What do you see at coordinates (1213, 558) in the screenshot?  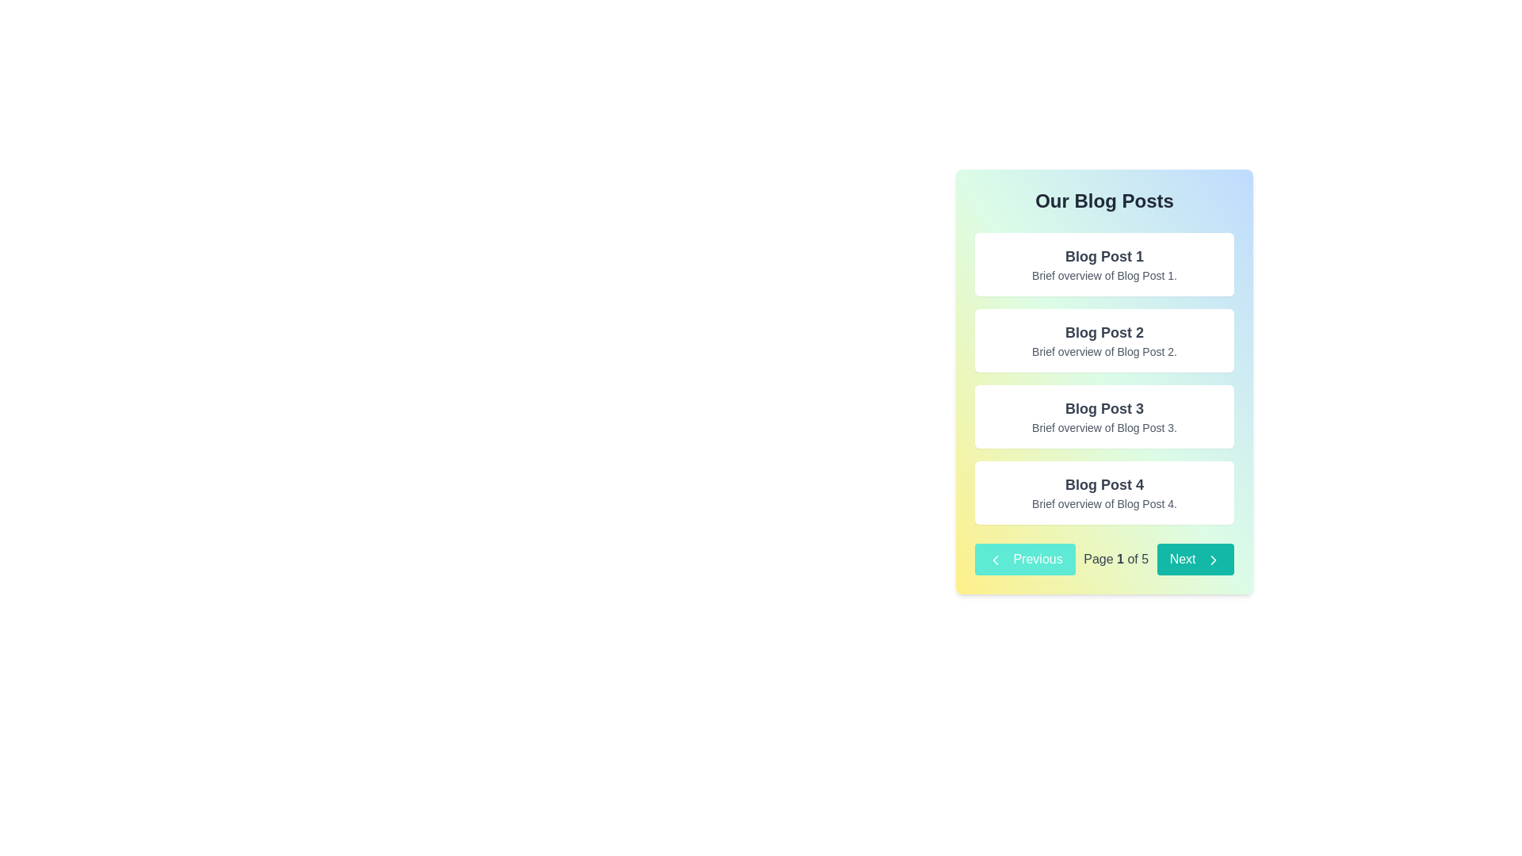 I see `the right-pointing chevron icon located inside the 'Next' button at the bottom-right corner of the interface` at bounding box center [1213, 558].